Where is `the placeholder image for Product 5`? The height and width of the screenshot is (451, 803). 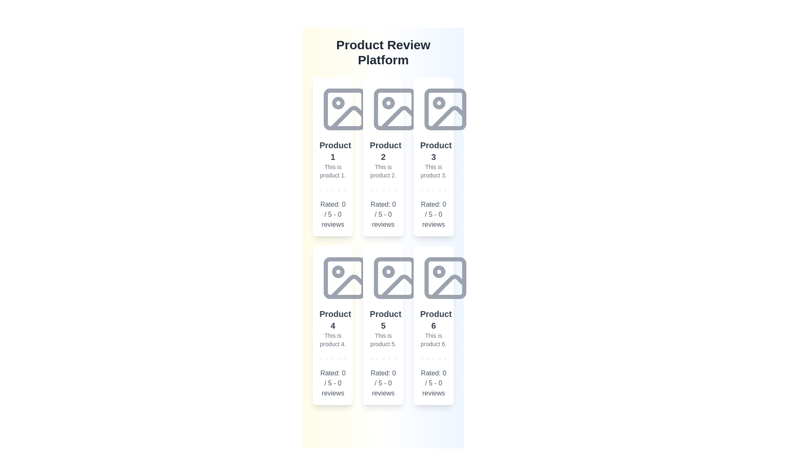
the placeholder image for Product 5 is located at coordinates (394, 278).